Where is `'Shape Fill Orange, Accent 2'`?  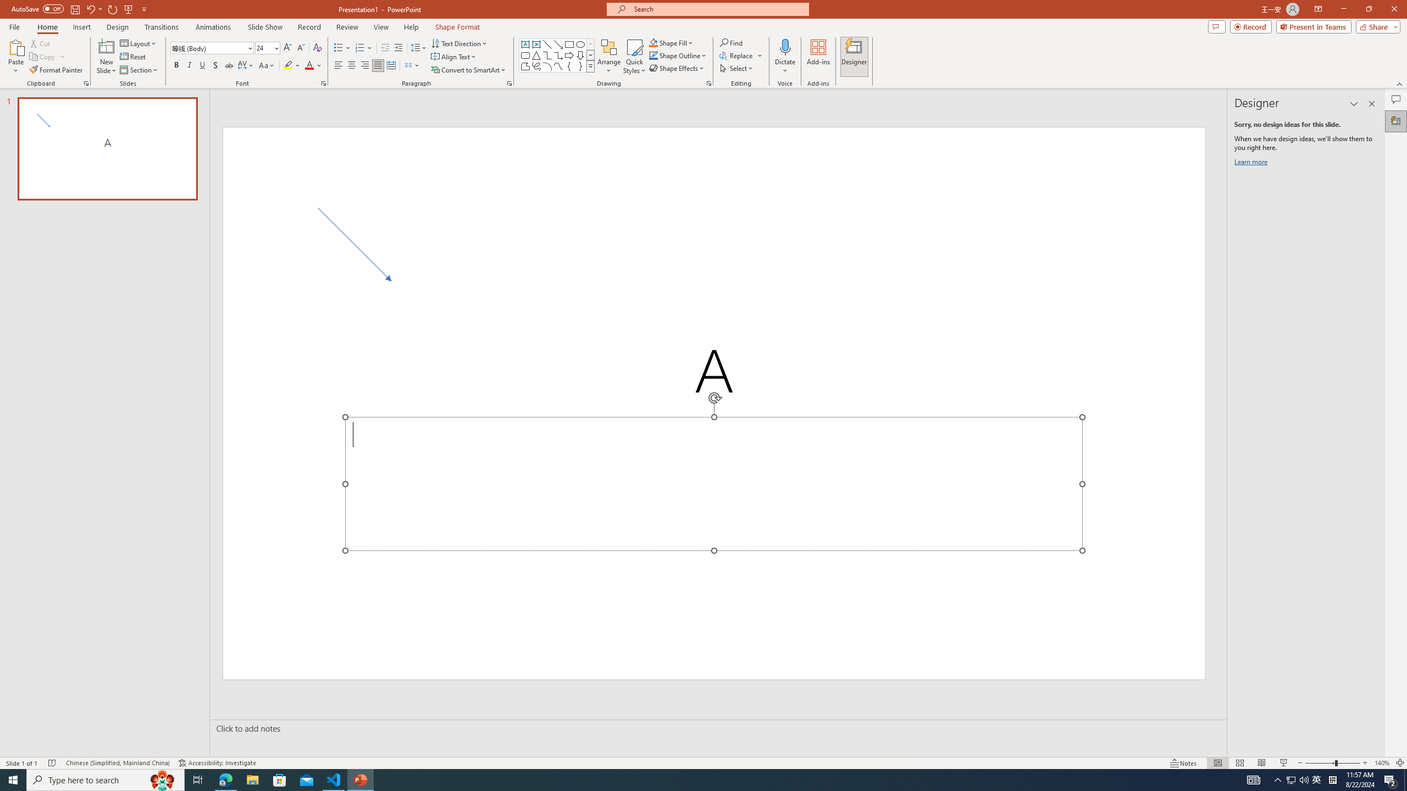
'Shape Fill Orange, Accent 2' is located at coordinates (653, 42).